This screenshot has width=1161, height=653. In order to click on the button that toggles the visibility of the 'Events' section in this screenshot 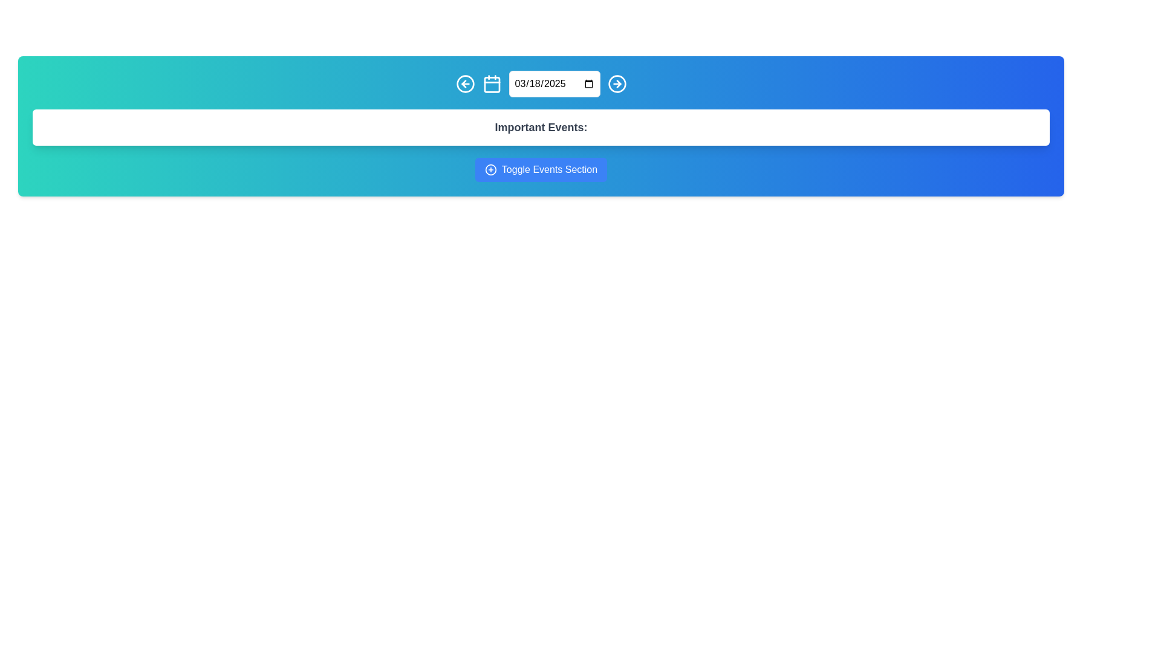, I will do `click(540, 170)`.